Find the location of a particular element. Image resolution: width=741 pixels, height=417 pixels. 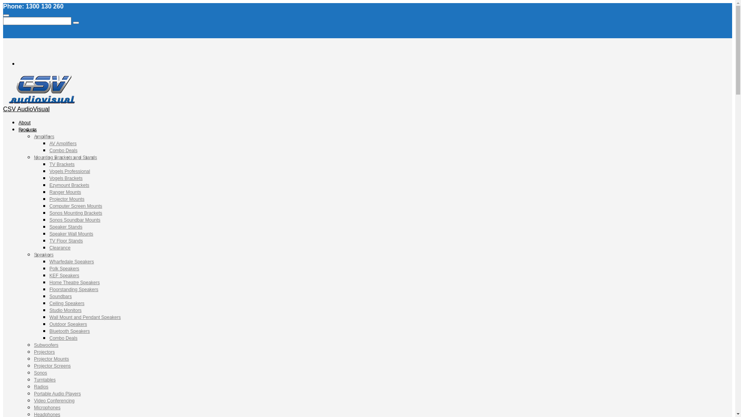

'Vogels Professional' is located at coordinates (69, 171).